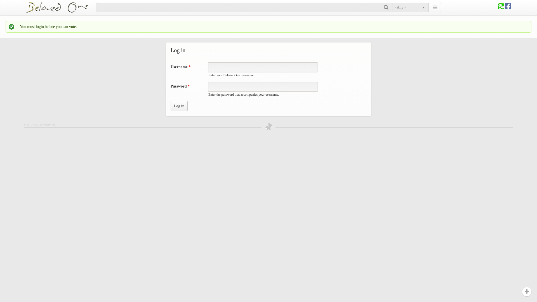 The width and height of the screenshot is (537, 302). What do you see at coordinates (60, 7) in the screenshot?
I see `'BelovedOne'` at bounding box center [60, 7].